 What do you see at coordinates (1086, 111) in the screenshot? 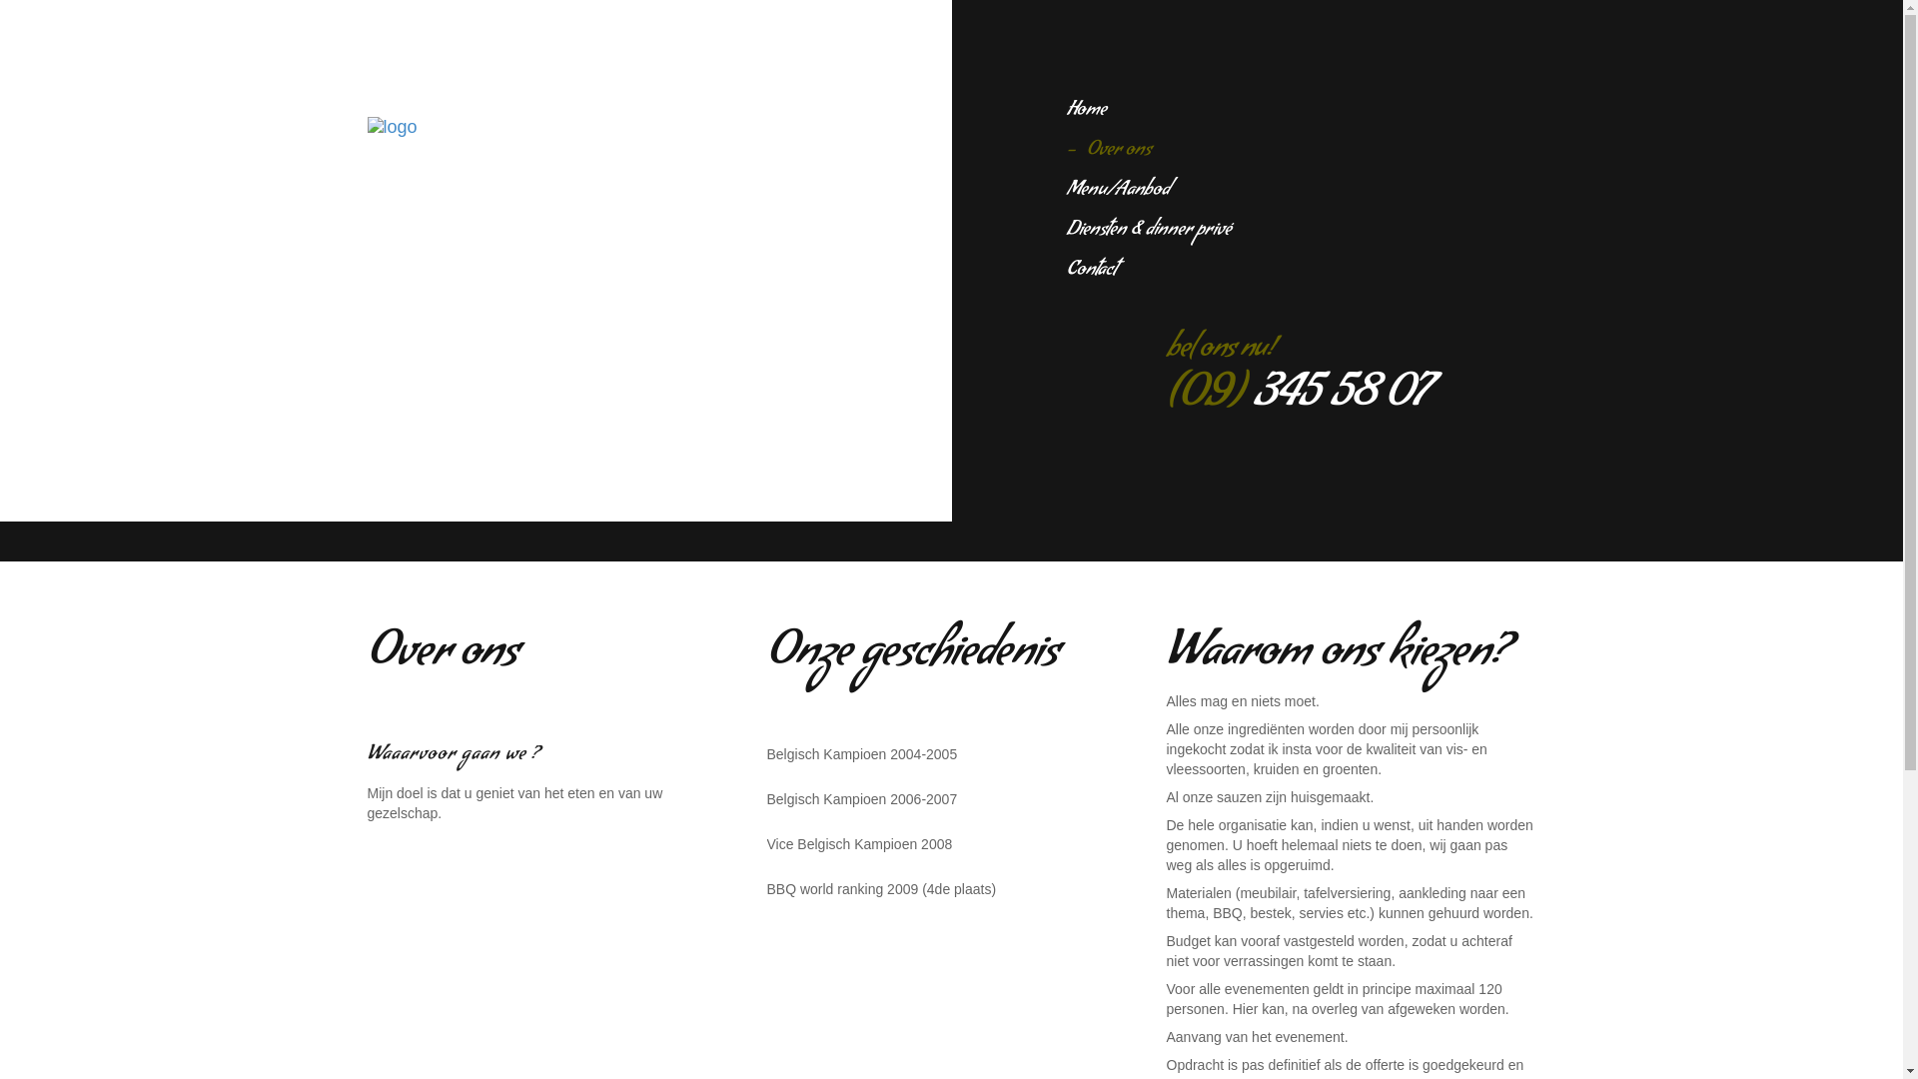
I see `'Home'` at bounding box center [1086, 111].